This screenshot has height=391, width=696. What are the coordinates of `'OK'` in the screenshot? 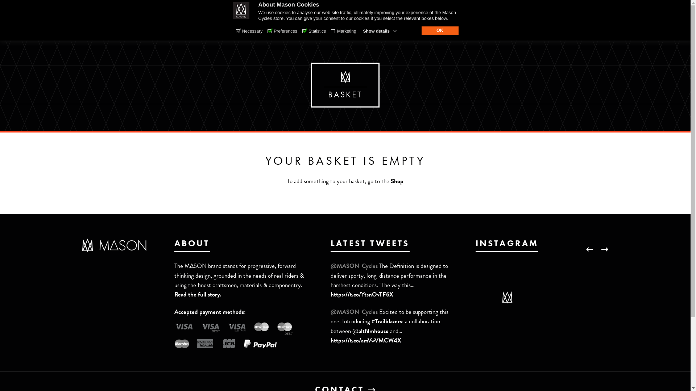 It's located at (439, 30).